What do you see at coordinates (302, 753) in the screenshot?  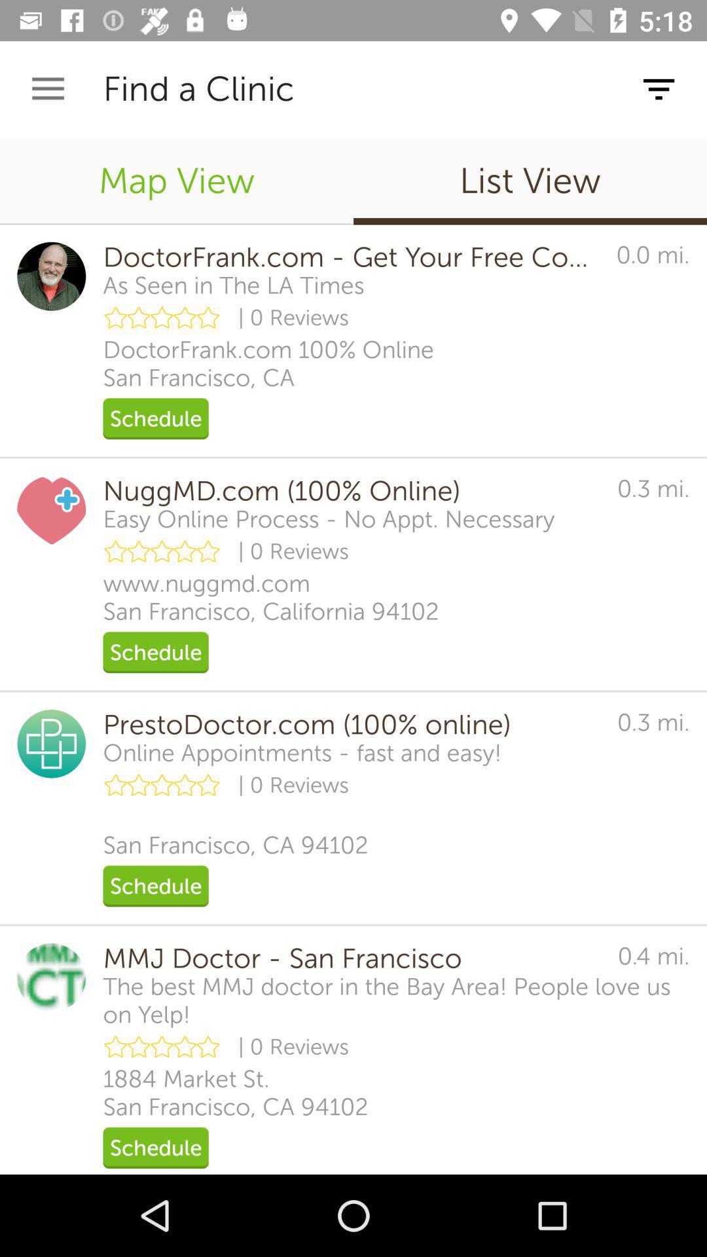 I see `the item above the | 0 reviews` at bounding box center [302, 753].